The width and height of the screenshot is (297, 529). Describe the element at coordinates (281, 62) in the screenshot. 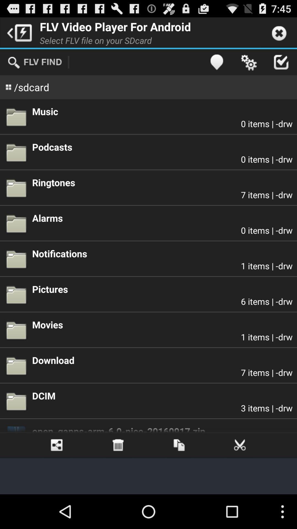

I see `app above the music icon` at that location.